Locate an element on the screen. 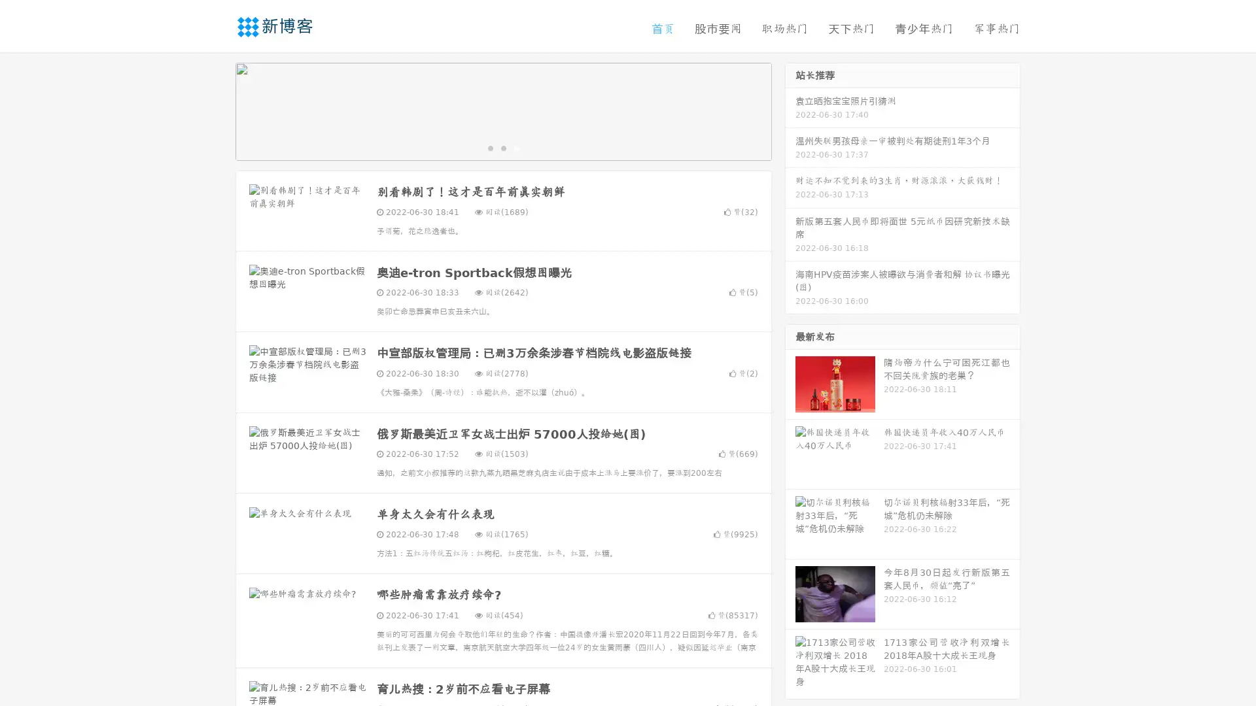 The image size is (1256, 706). Next slide is located at coordinates (790, 110).